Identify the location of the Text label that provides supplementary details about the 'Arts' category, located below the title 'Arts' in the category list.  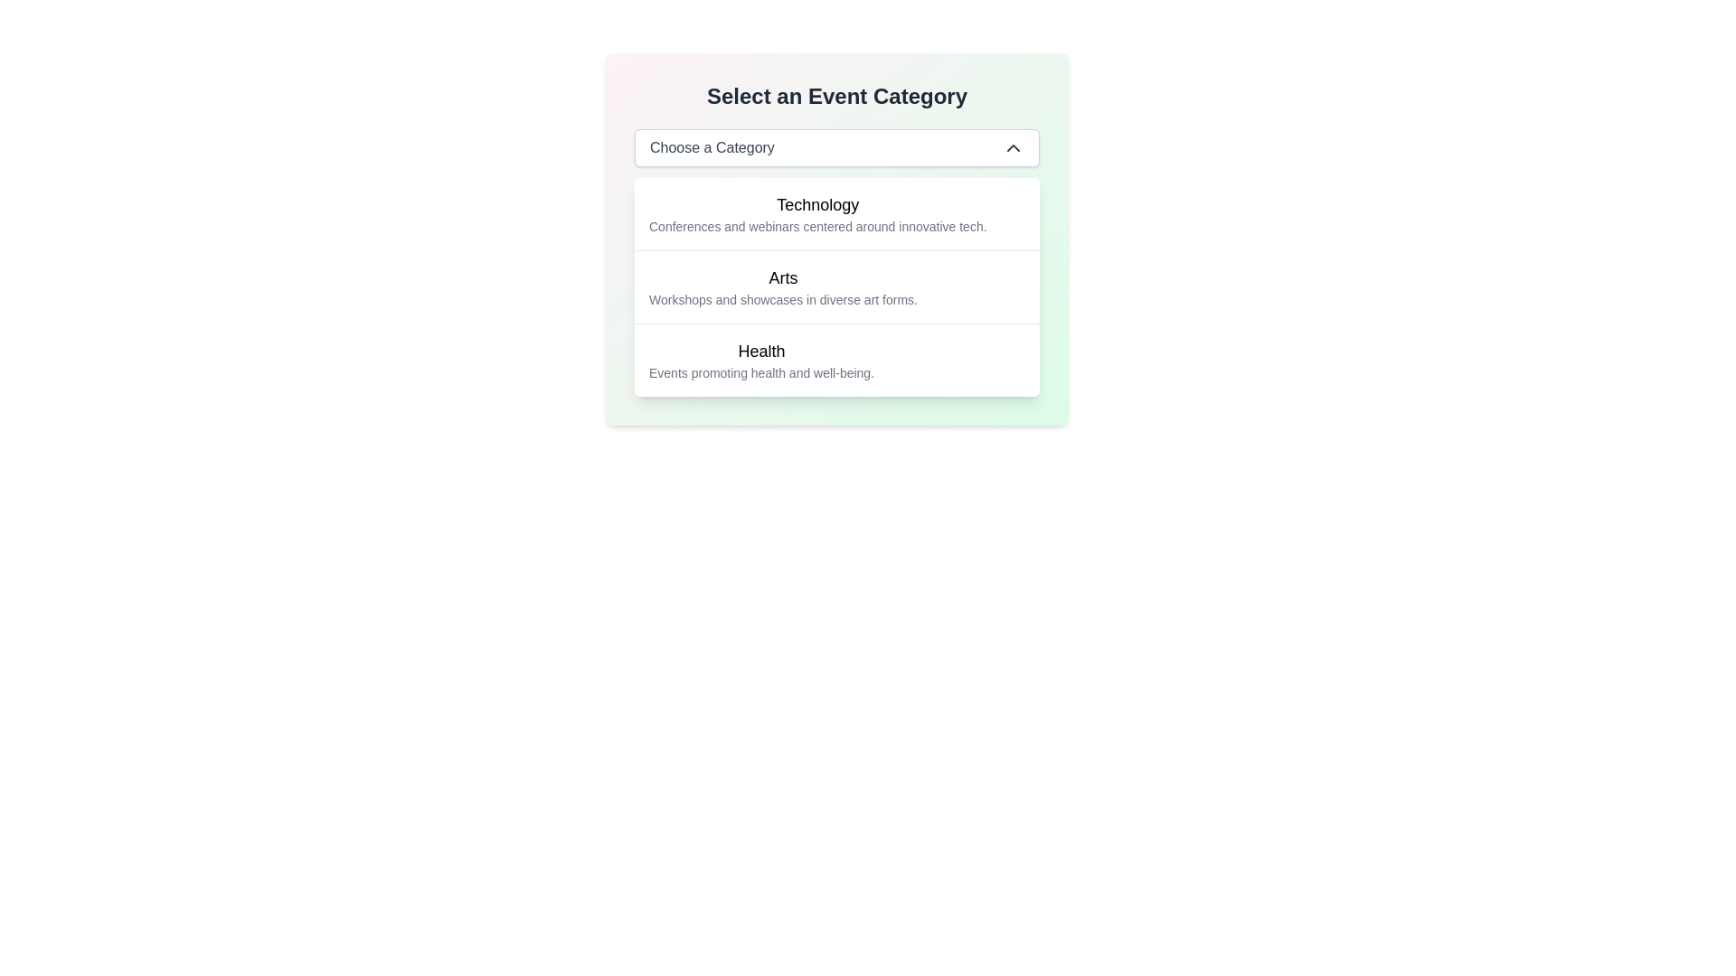
(783, 298).